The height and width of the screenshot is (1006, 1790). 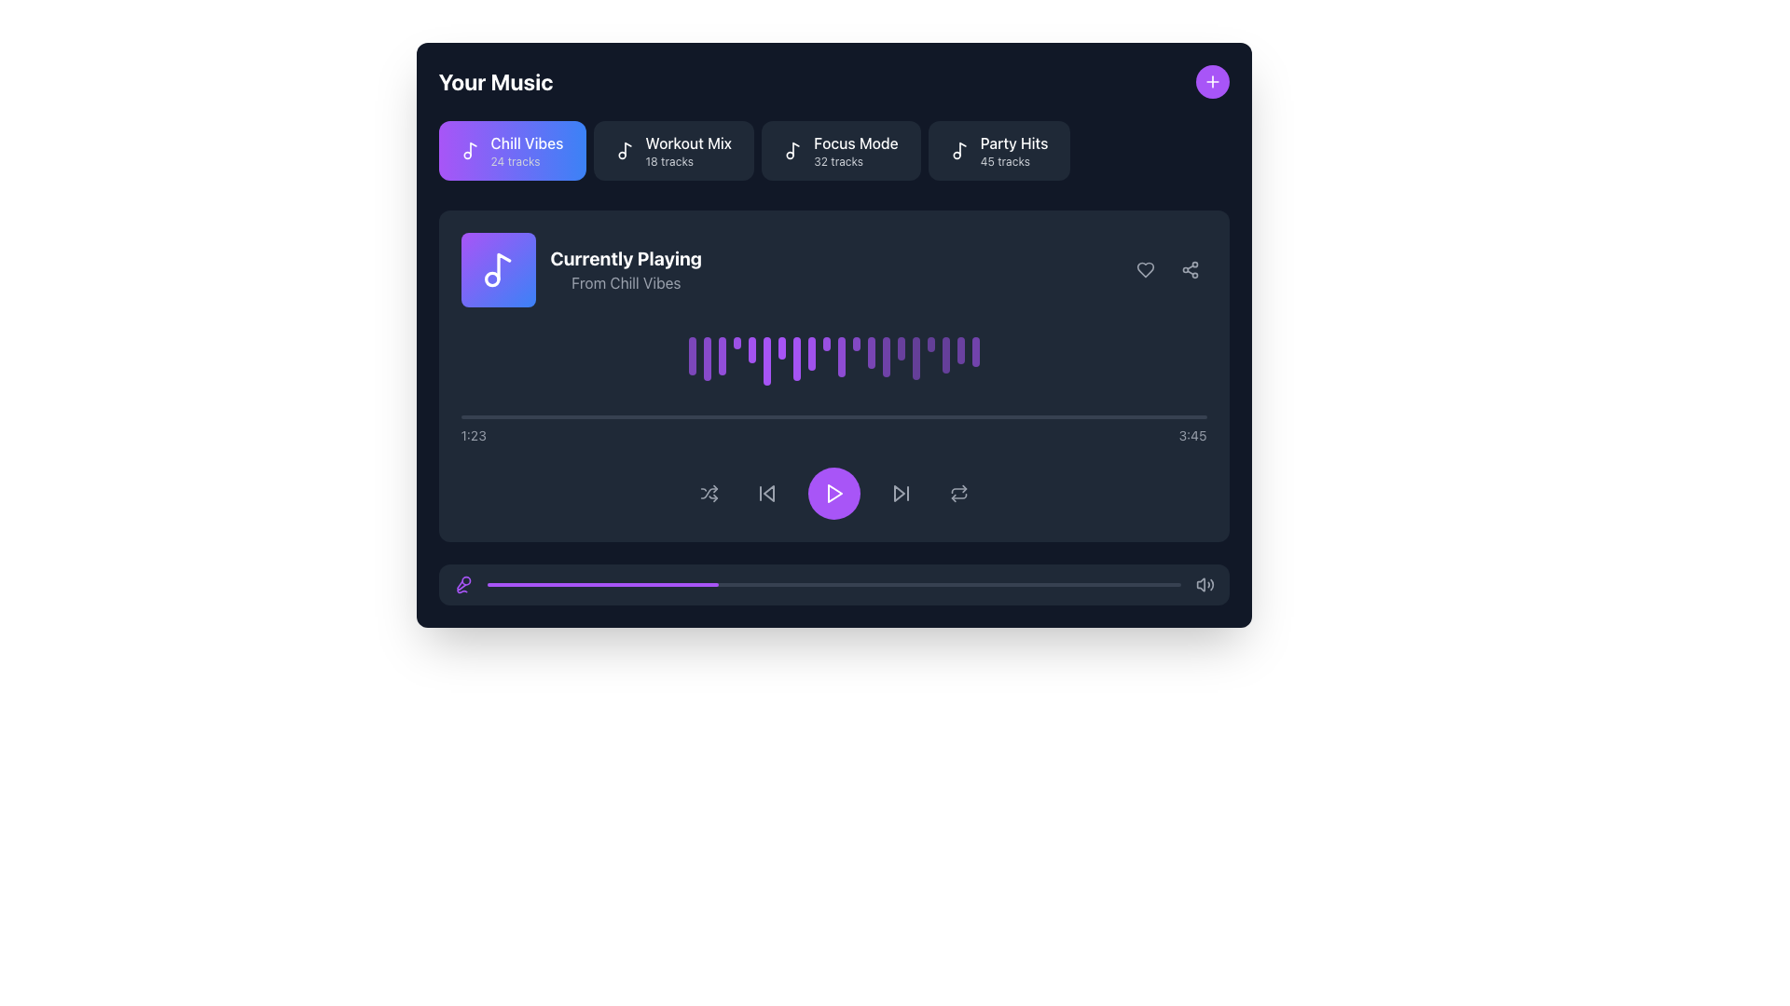 I want to click on text from the 'Currently Playing' label, which is a large, bold, white text displayed on a dark background, centrally positioned in the music playback section, so click(x=626, y=258).